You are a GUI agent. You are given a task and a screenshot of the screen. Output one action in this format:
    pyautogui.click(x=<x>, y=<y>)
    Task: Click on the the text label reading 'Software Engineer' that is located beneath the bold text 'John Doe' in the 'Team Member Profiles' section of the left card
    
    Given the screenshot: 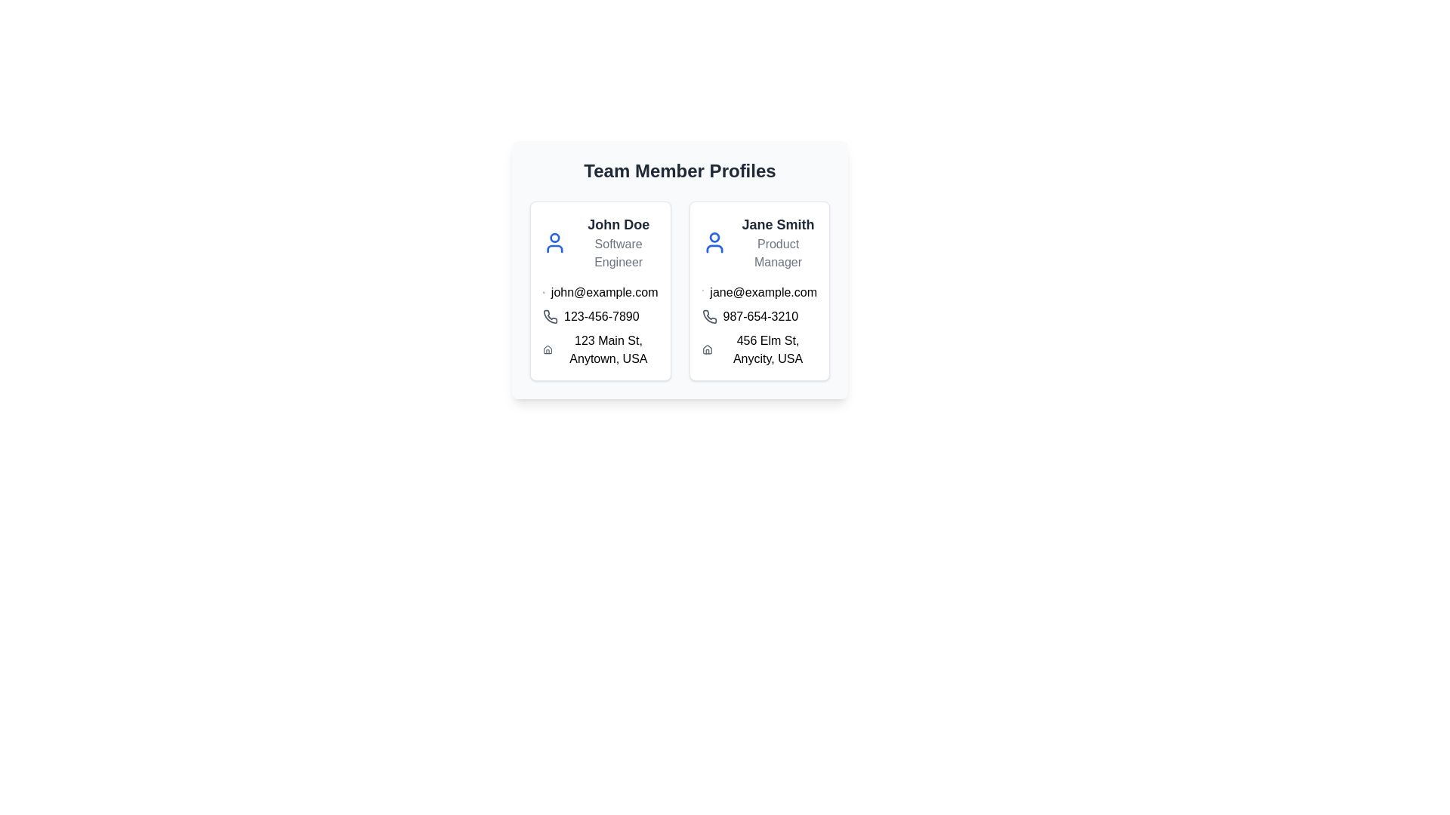 What is the action you would take?
    pyautogui.click(x=619, y=252)
    